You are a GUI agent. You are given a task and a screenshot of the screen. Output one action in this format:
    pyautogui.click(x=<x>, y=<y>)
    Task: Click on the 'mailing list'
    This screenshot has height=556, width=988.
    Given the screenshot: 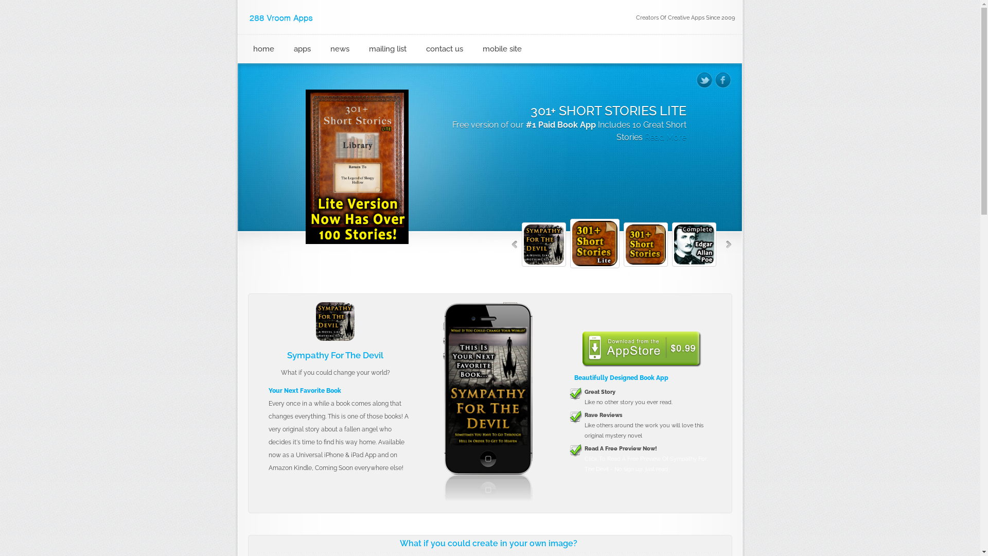 What is the action you would take?
    pyautogui.click(x=364, y=49)
    